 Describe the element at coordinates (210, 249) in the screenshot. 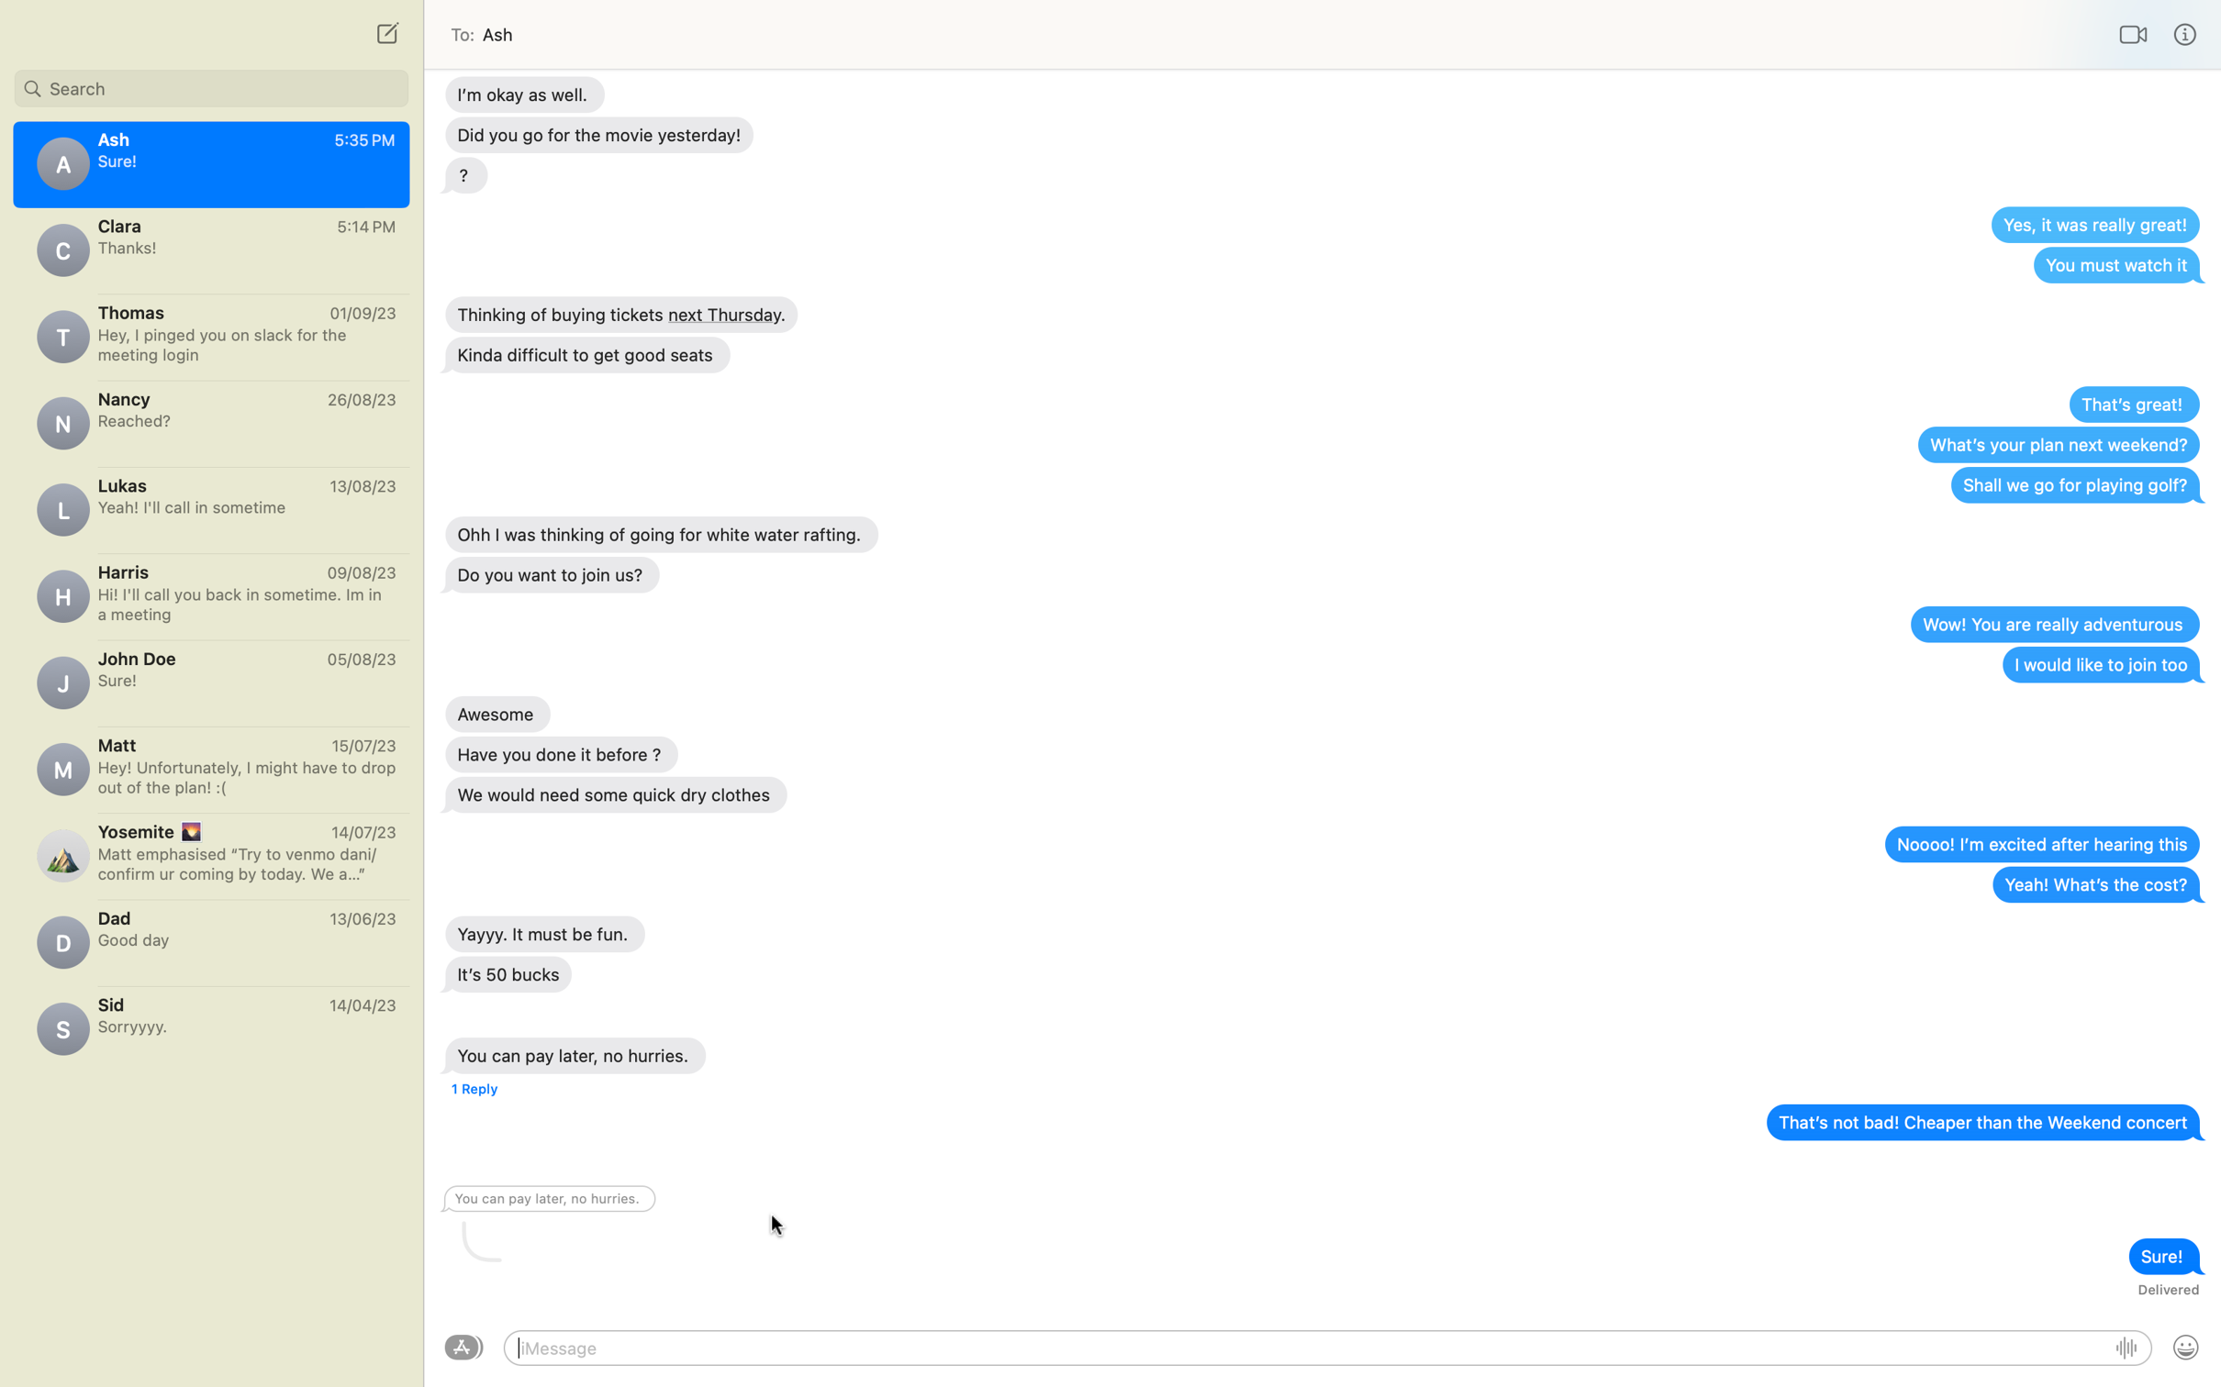

I see `Navigate and view previous messages with Clara` at that location.